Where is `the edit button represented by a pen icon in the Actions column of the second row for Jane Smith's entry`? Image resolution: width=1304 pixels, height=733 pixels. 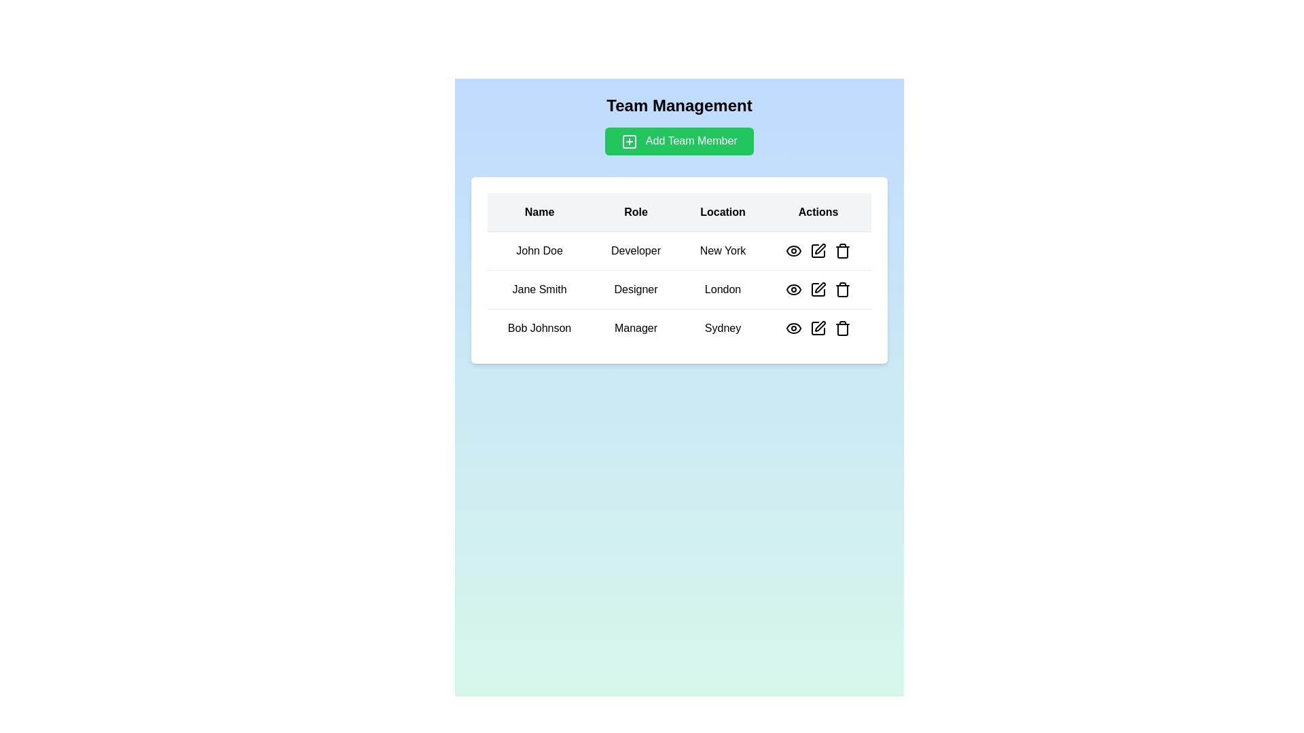
the edit button represented by a pen icon in the Actions column of the second row for Jane Smith's entry is located at coordinates (820, 286).